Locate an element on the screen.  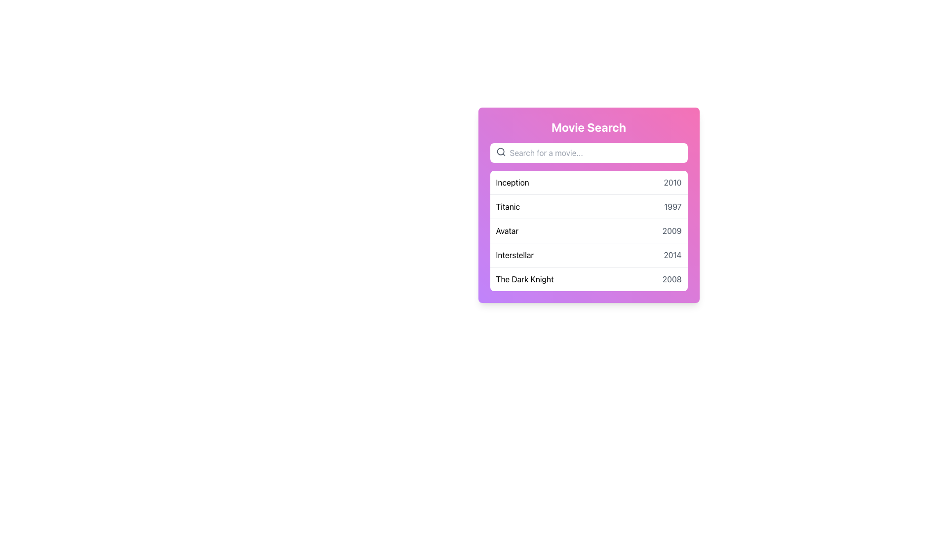
text label displaying the number '2009' in gray font, located to the right of 'Avatar' in the third row of the 'Movie Search' card interface is located at coordinates (671, 230).